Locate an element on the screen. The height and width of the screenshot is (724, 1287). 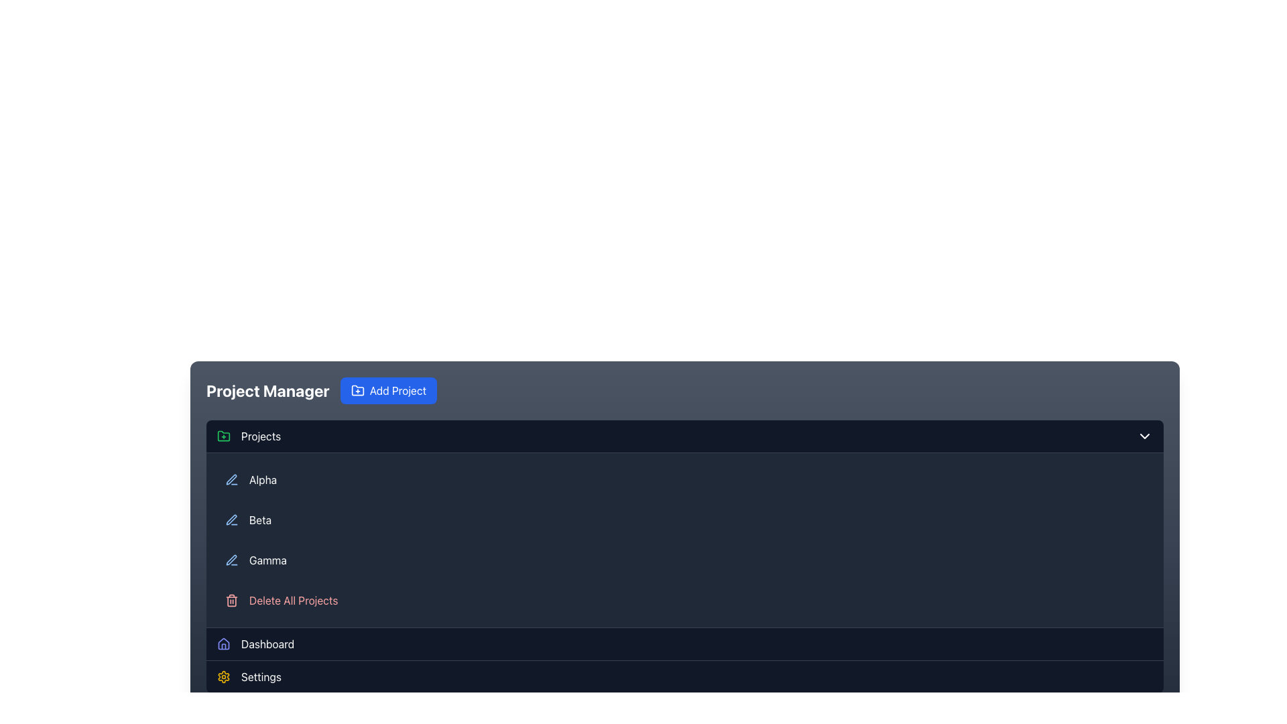
the pen icon in the Projects list of the Project Manager interface is located at coordinates (231, 560).